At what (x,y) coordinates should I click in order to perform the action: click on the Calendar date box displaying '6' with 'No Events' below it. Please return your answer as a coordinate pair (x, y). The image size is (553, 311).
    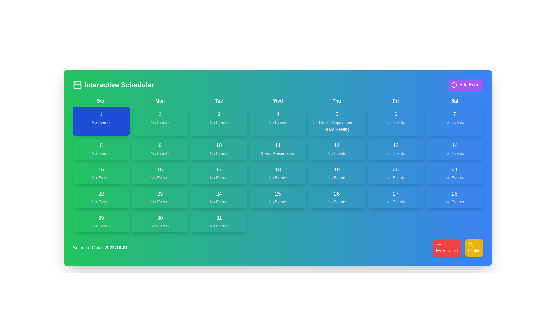
    Looking at the image, I should click on (395, 121).